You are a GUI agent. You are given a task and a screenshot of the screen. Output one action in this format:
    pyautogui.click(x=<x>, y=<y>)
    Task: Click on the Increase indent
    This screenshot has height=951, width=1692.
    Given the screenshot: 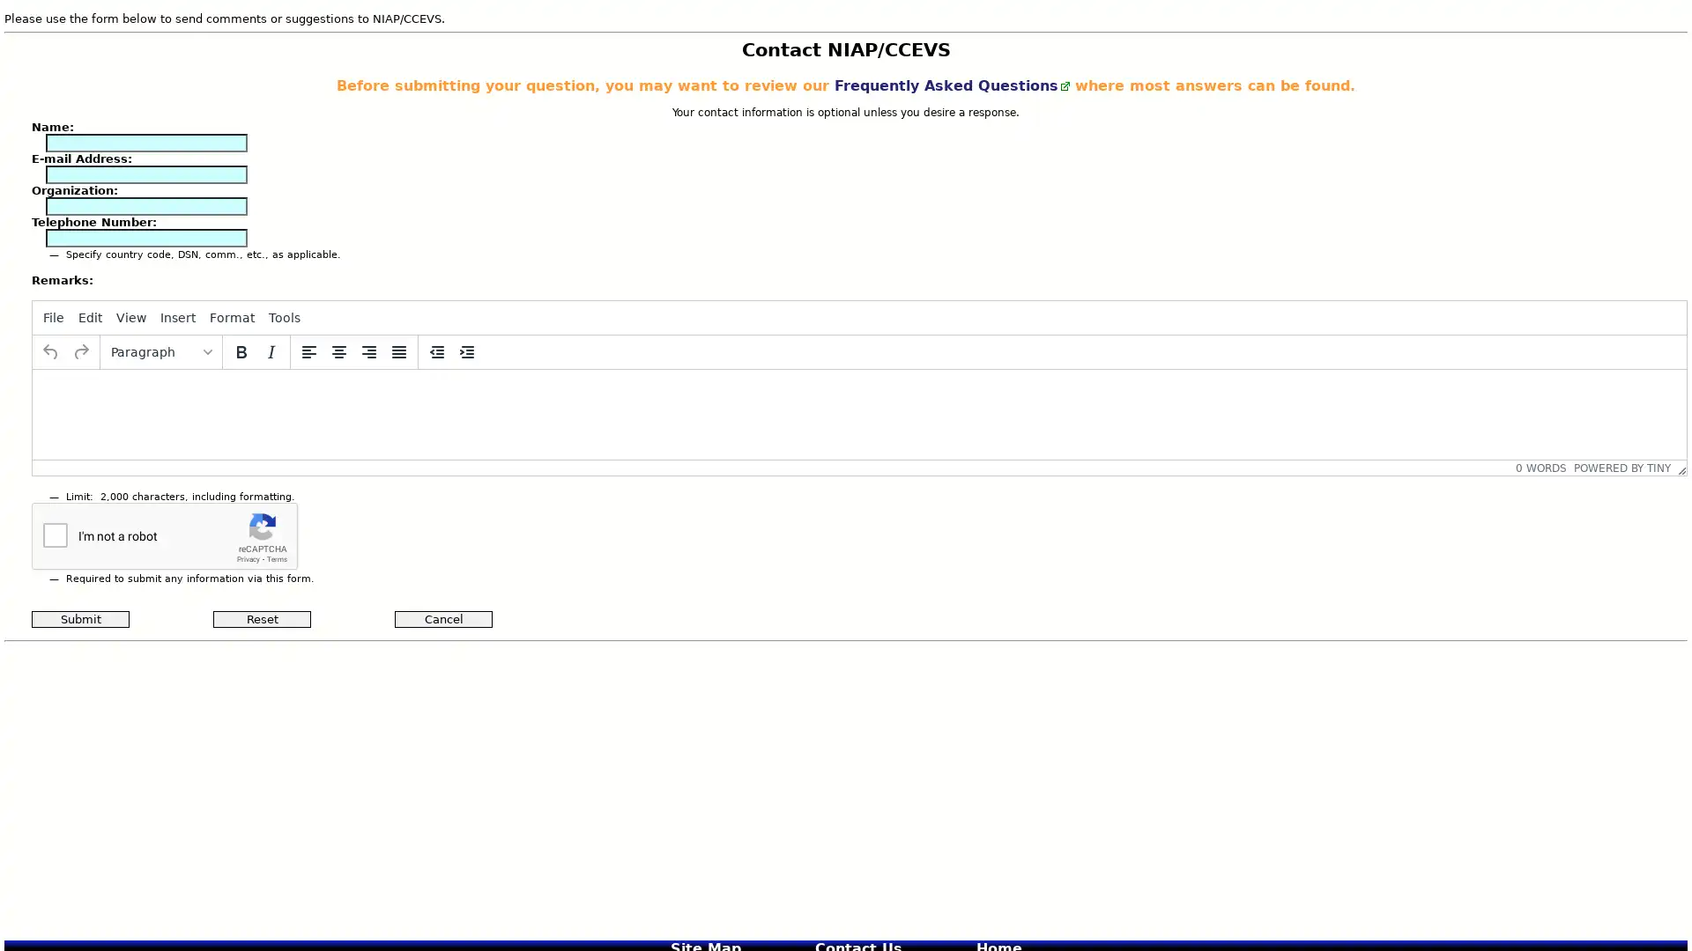 What is the action you would take?
    pyautogui.click(x=466, y=352)
    